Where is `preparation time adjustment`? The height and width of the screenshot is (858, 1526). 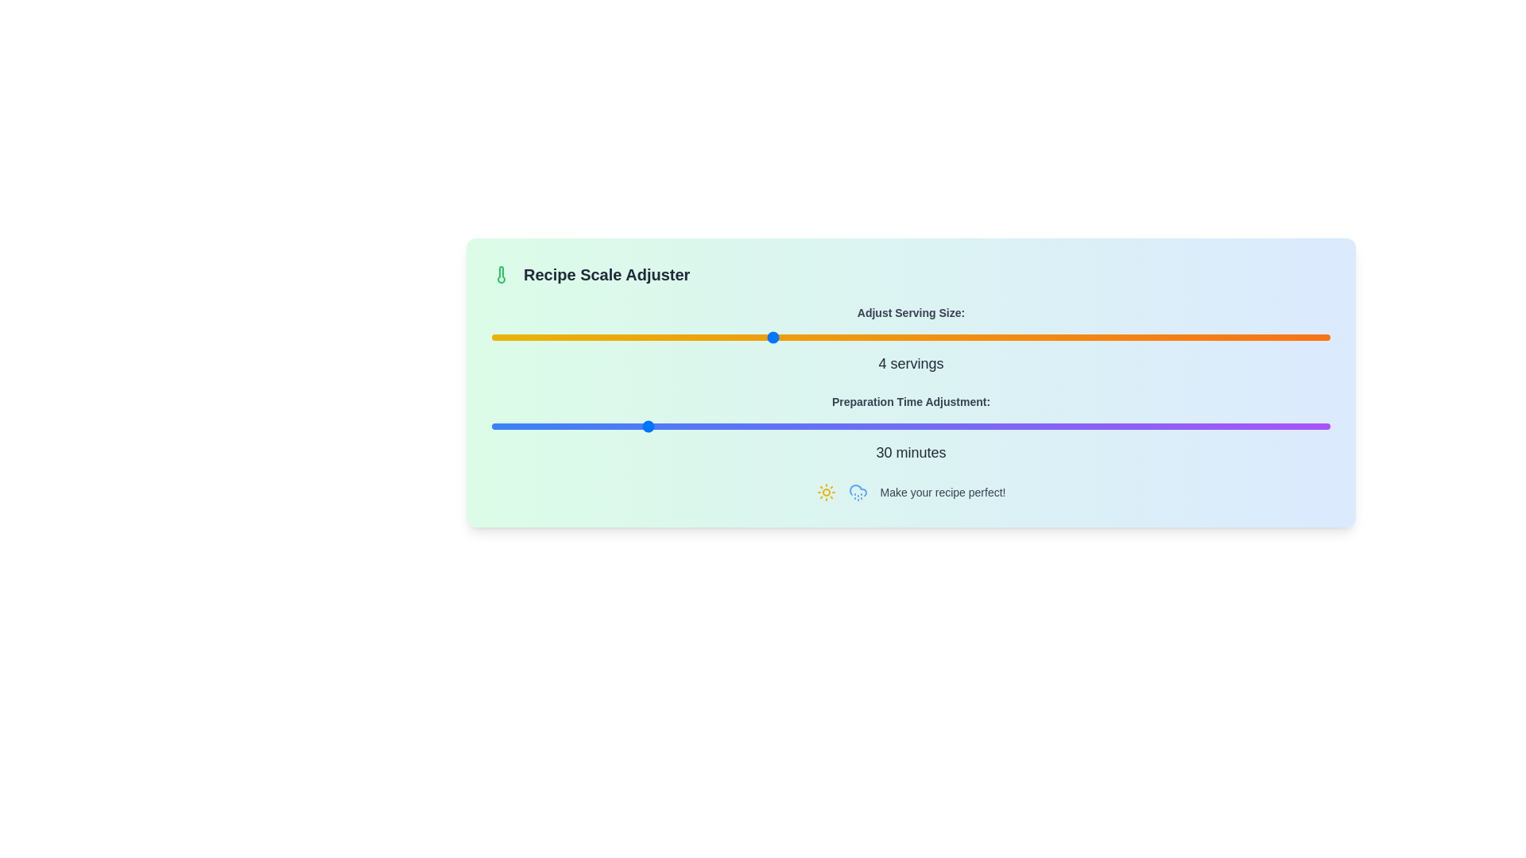 preparation time adjustment is located at coordinates (1276, 425).